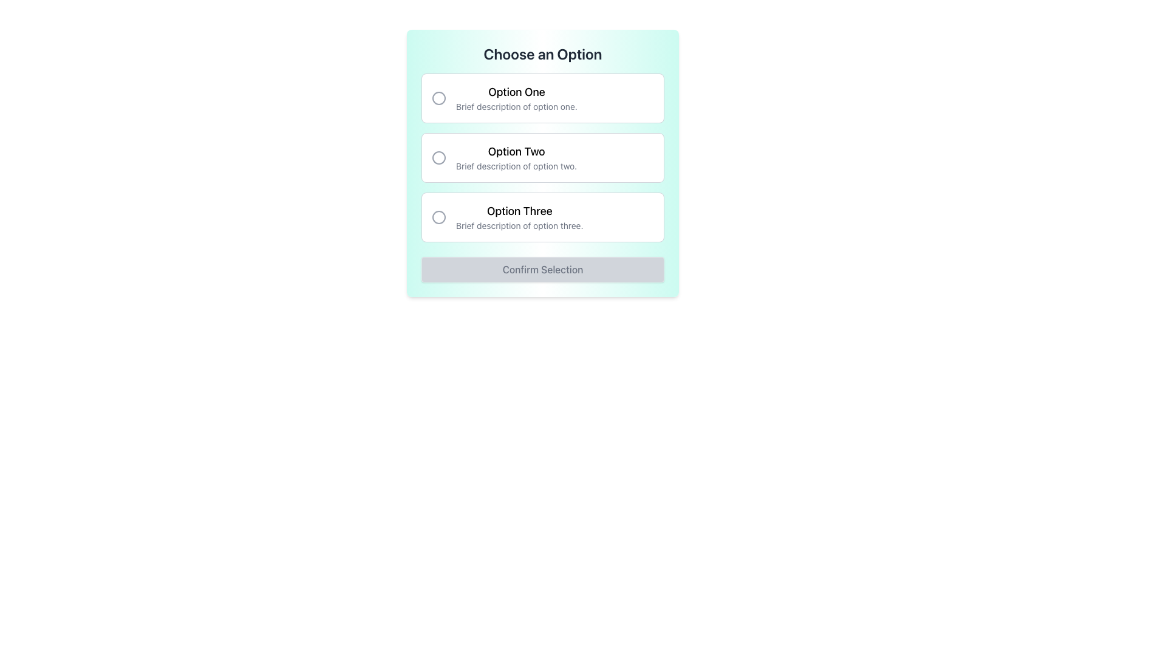 This screenshot has height=656, width=1166. What do you see at coordinates (438, 217) in the screenshot?
I see `the circular selection marker for the third selectable option labeled 'Option Three' to provide visual feedback` at bounding box center [438, 217].